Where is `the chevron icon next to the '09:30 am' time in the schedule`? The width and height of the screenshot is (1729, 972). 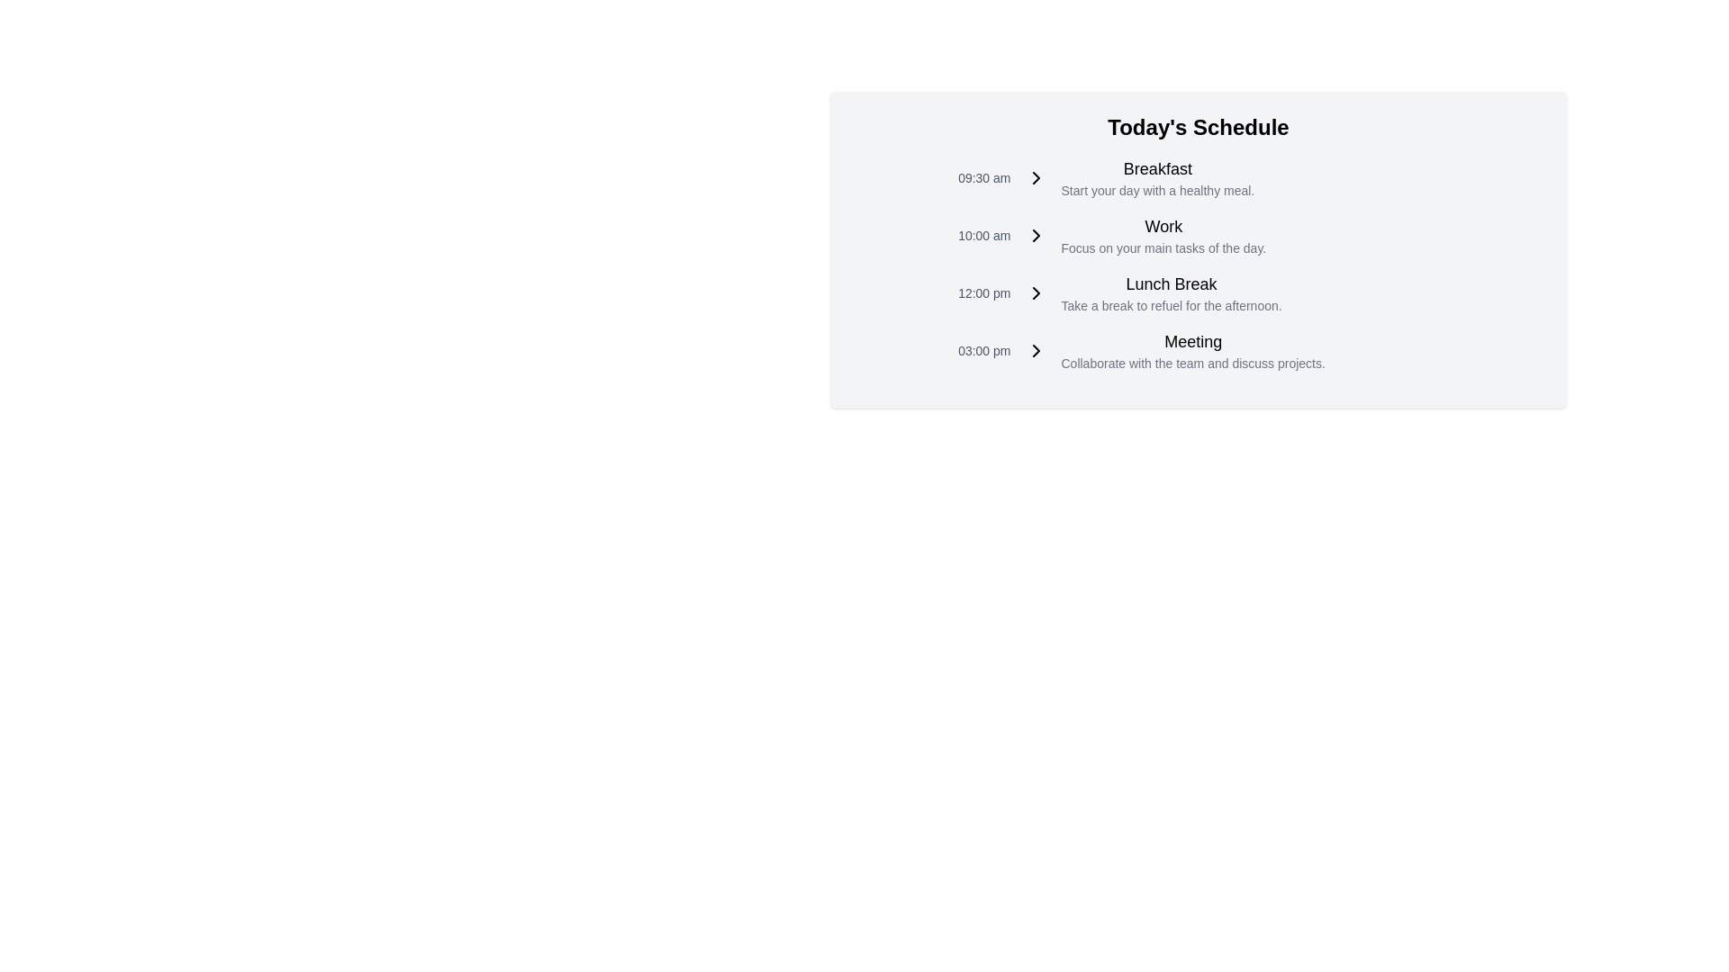
the chevron icon next to the '09:30 am' time in the schedule is located at coordinates (1036, 177).